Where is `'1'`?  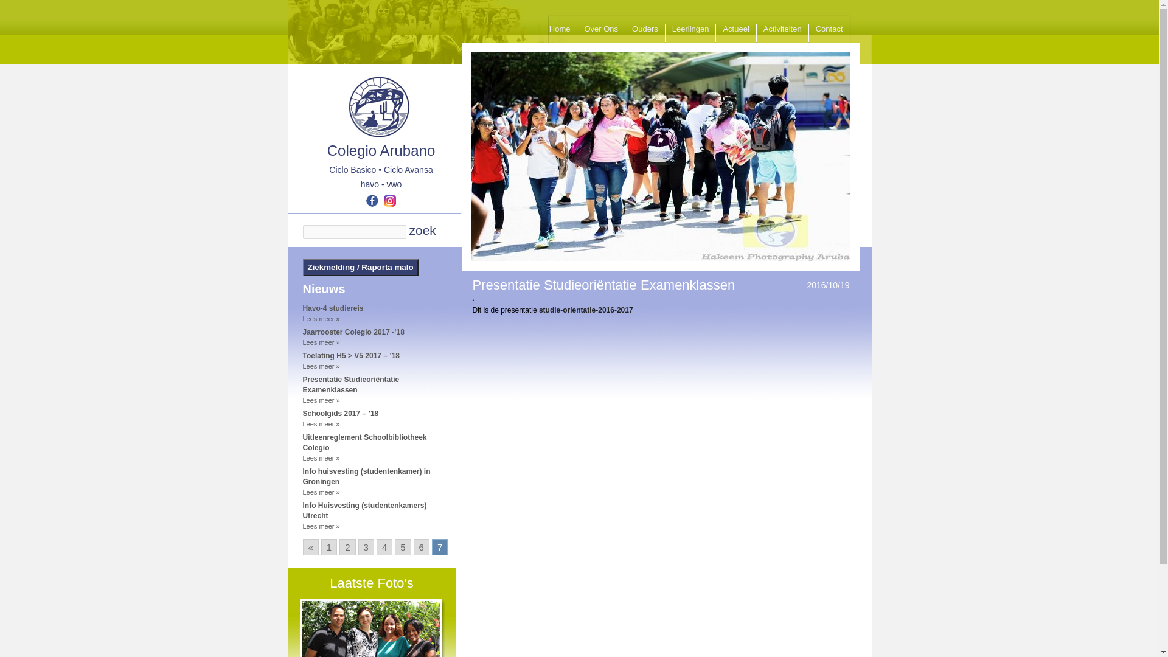 '1' is located at coordinates (329, 546).